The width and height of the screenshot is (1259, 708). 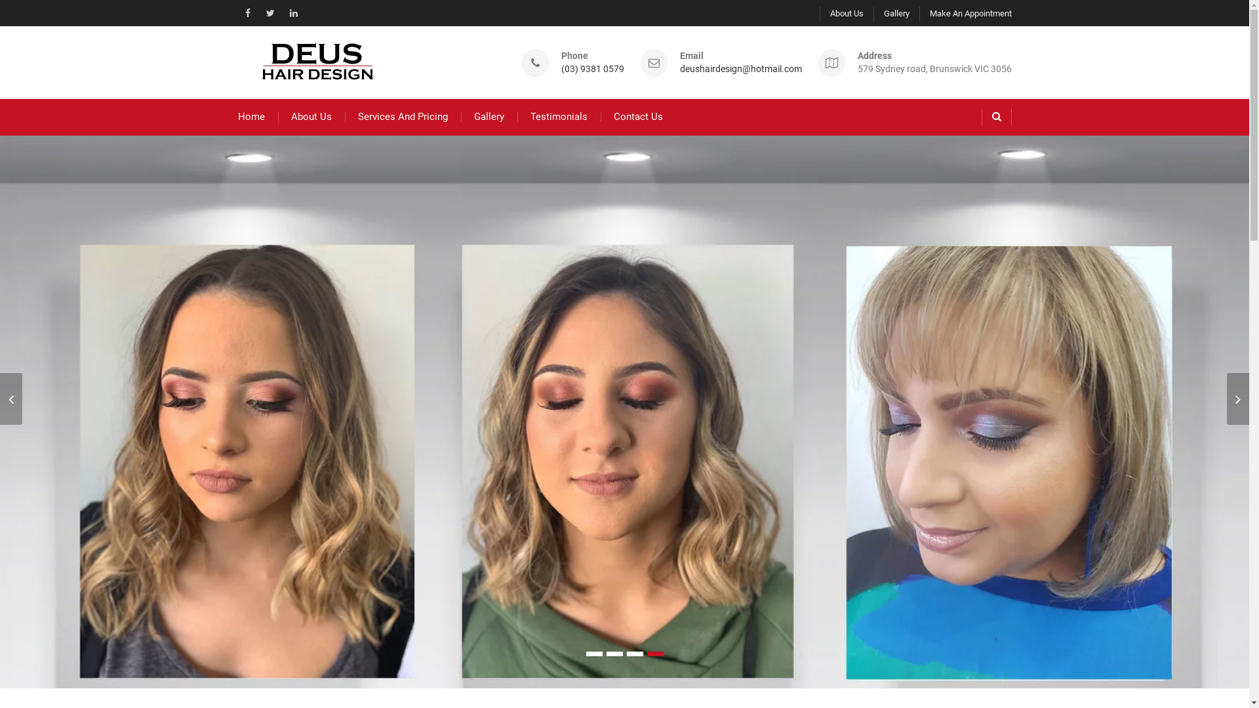 I want to click on 'Make An Appointment', so click(x=965, y=13).